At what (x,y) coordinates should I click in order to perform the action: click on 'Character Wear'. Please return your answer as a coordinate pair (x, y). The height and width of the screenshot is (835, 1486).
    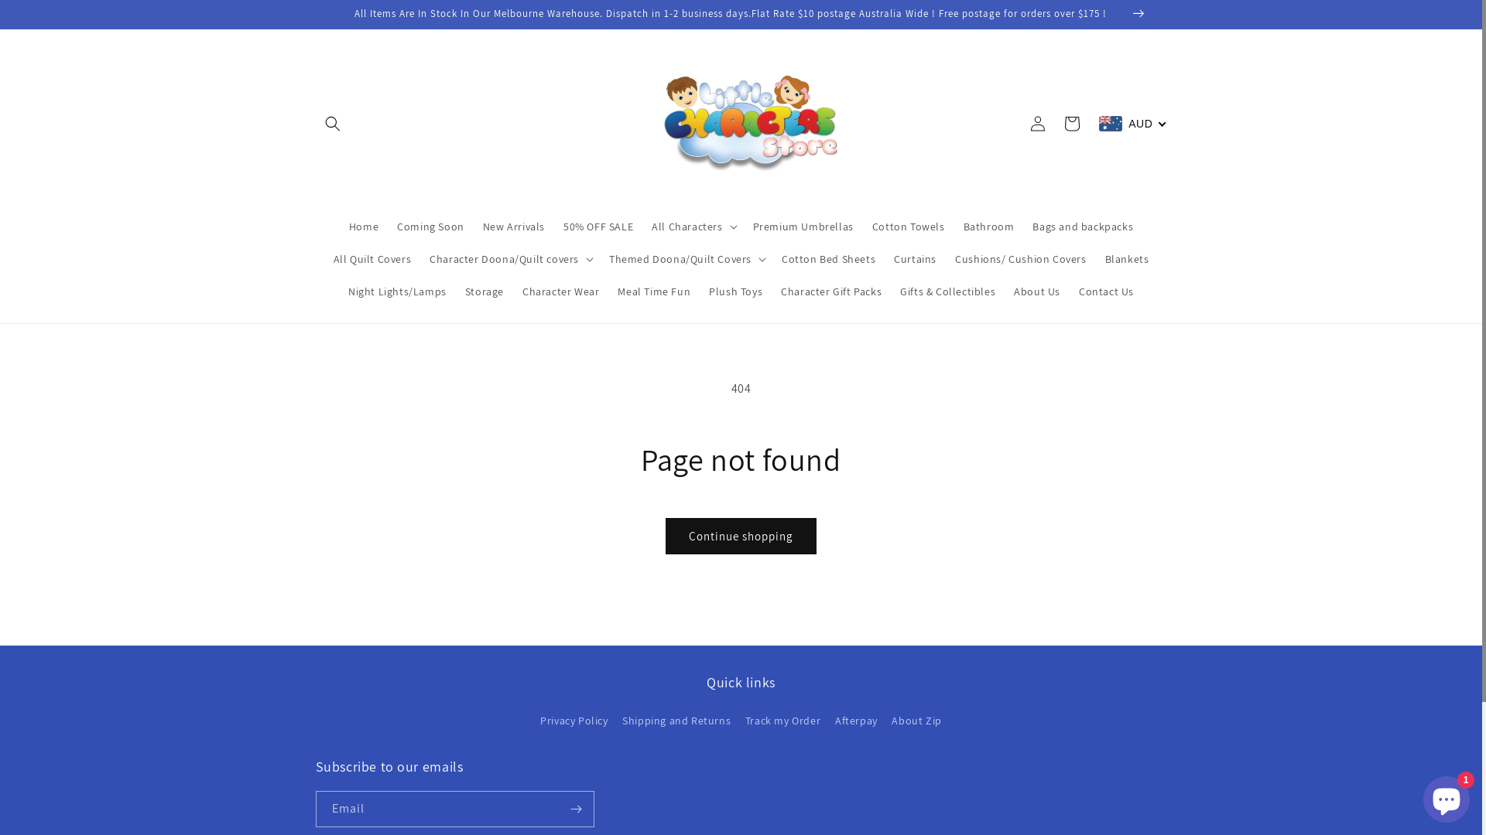
    Looking at the image, I should click on (512, 291).